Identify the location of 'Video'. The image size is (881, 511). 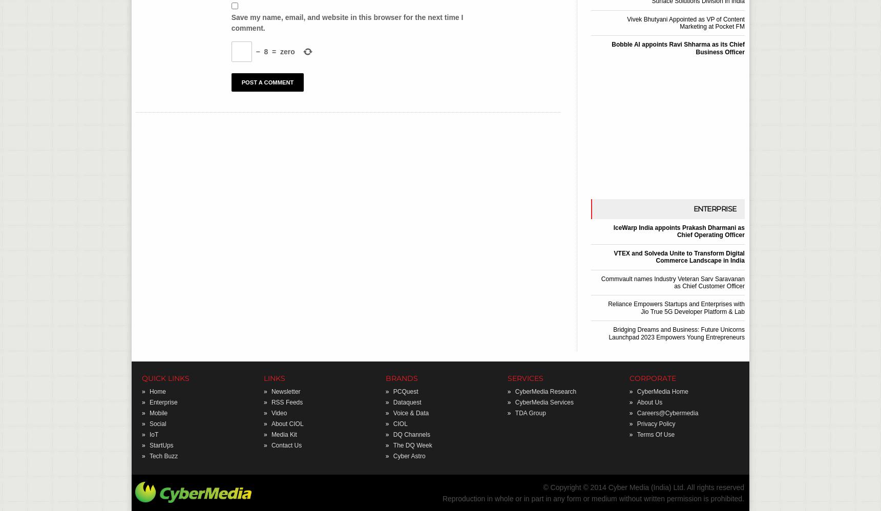
(279, 412).